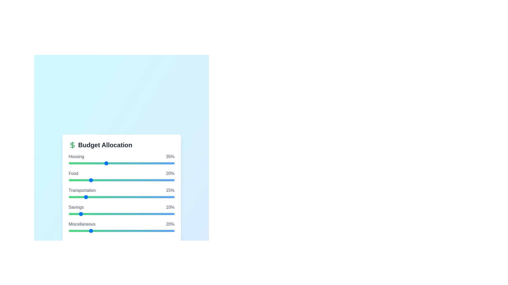 The image size is (508, 285). What do you see at coordinates (170, 156) in the screenshot?
I see `the text displaying the allocation percentage for 'Housing'` at bounding box center [170, 156].